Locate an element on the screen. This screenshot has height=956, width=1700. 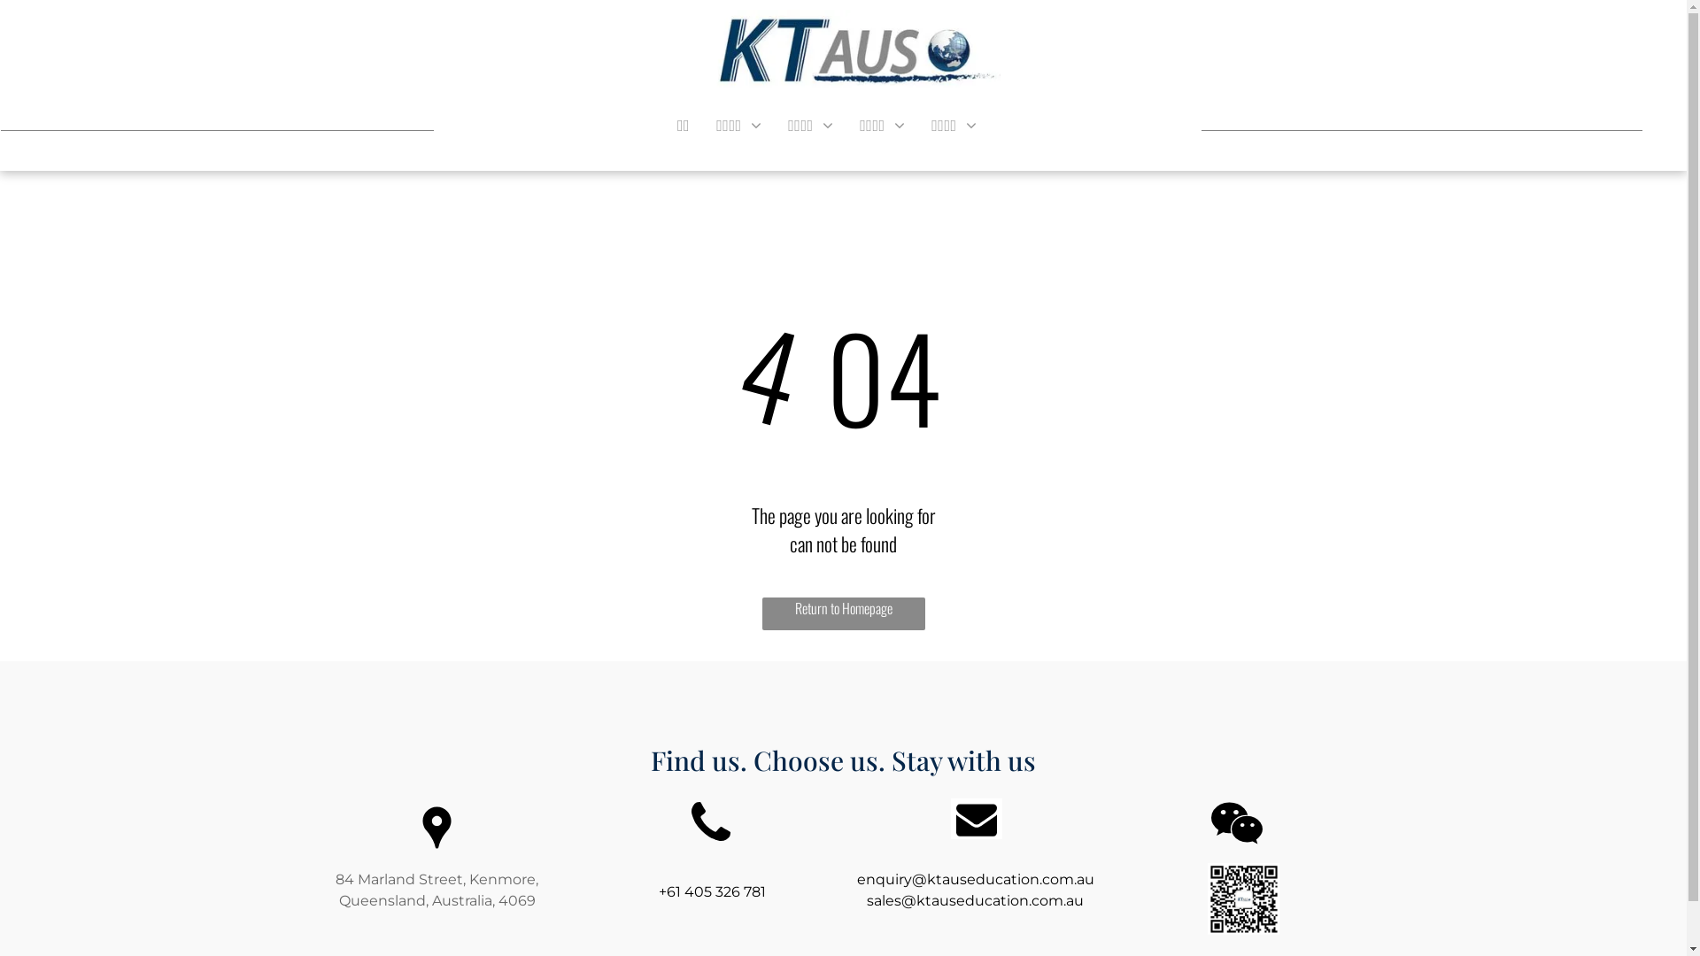
'Return to Homepage' is located at coordinates (841, 613).